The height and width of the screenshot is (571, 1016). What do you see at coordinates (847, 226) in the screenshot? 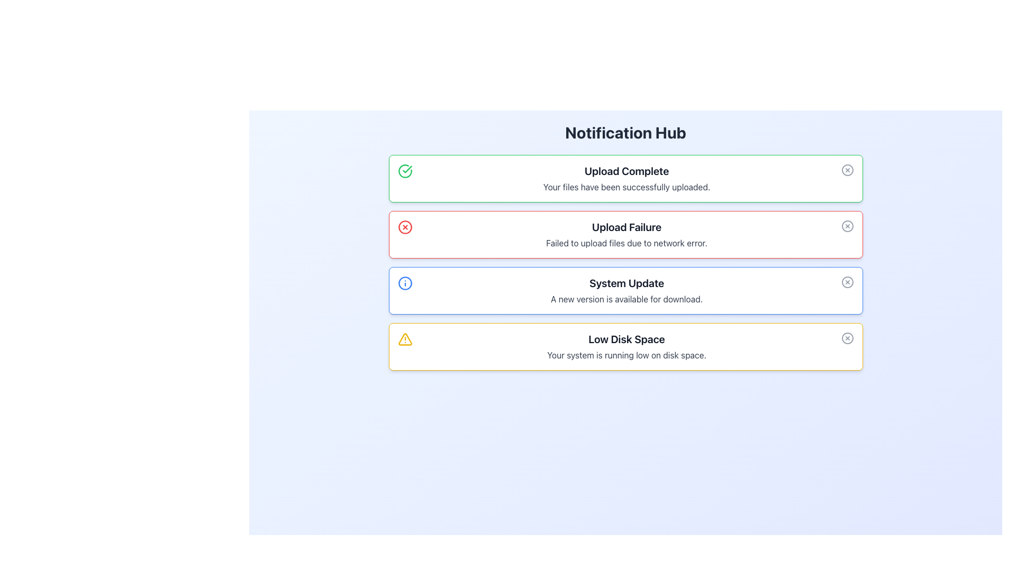
I see `the dismiss button located in the top-right corner of the 'Upload Failure' notification card` at bounding box center [847, 226].